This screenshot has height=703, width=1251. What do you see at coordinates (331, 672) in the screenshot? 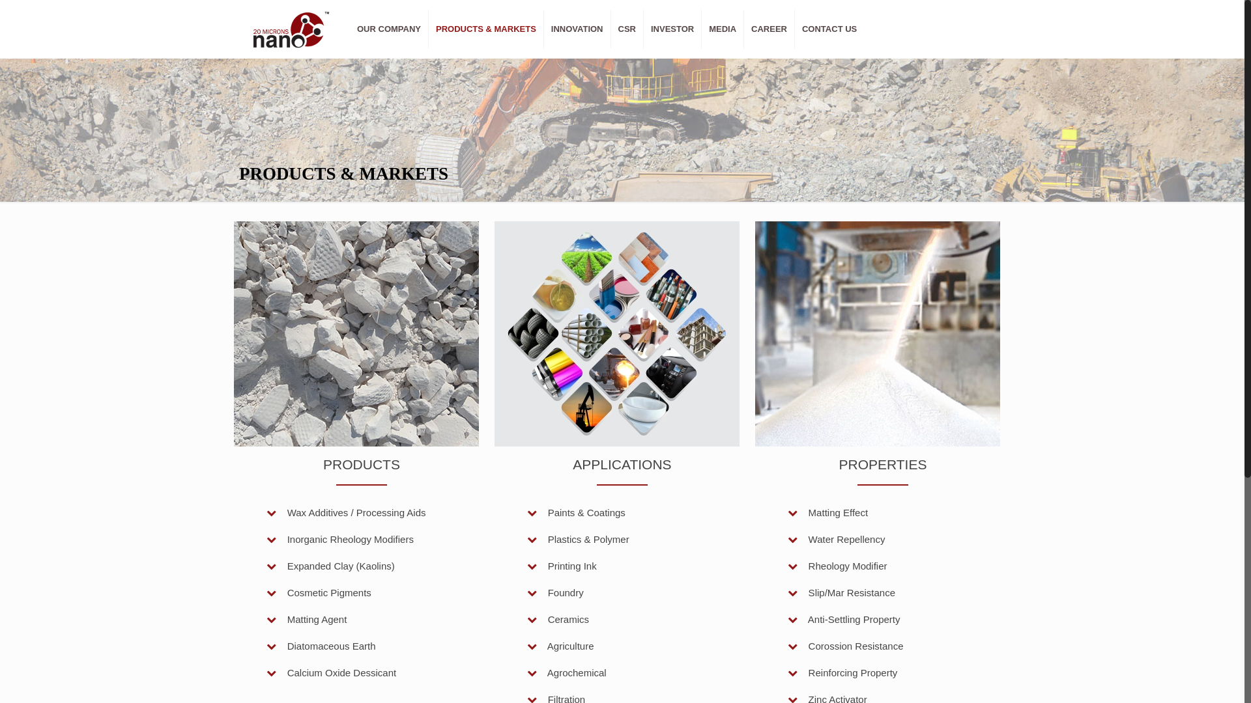
I see `'    Calcium Oxide Dessicant'` at bounding box center [331, 672].